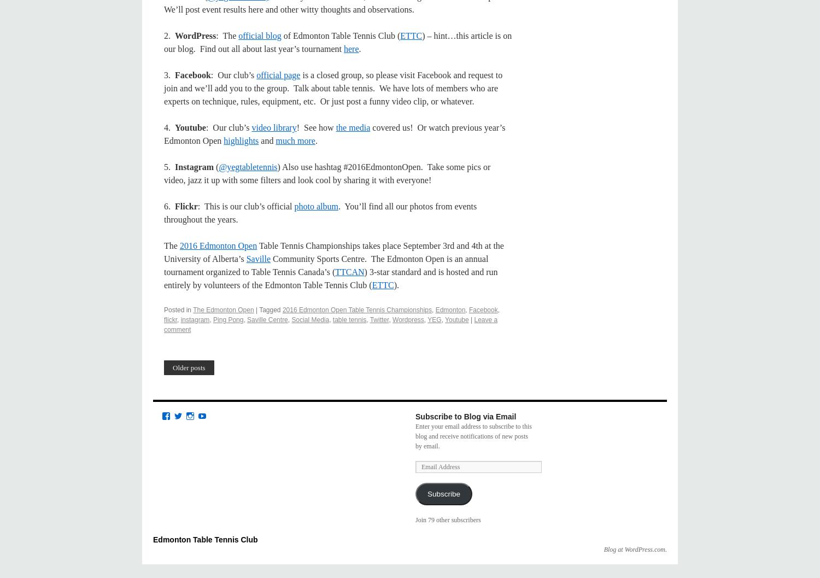 This screenshot has height=578, width=820. What do you see at coordinates (197, 206) in the screenshot?
I see `':  This is our club’s official'` at bounding box center [197, 206].